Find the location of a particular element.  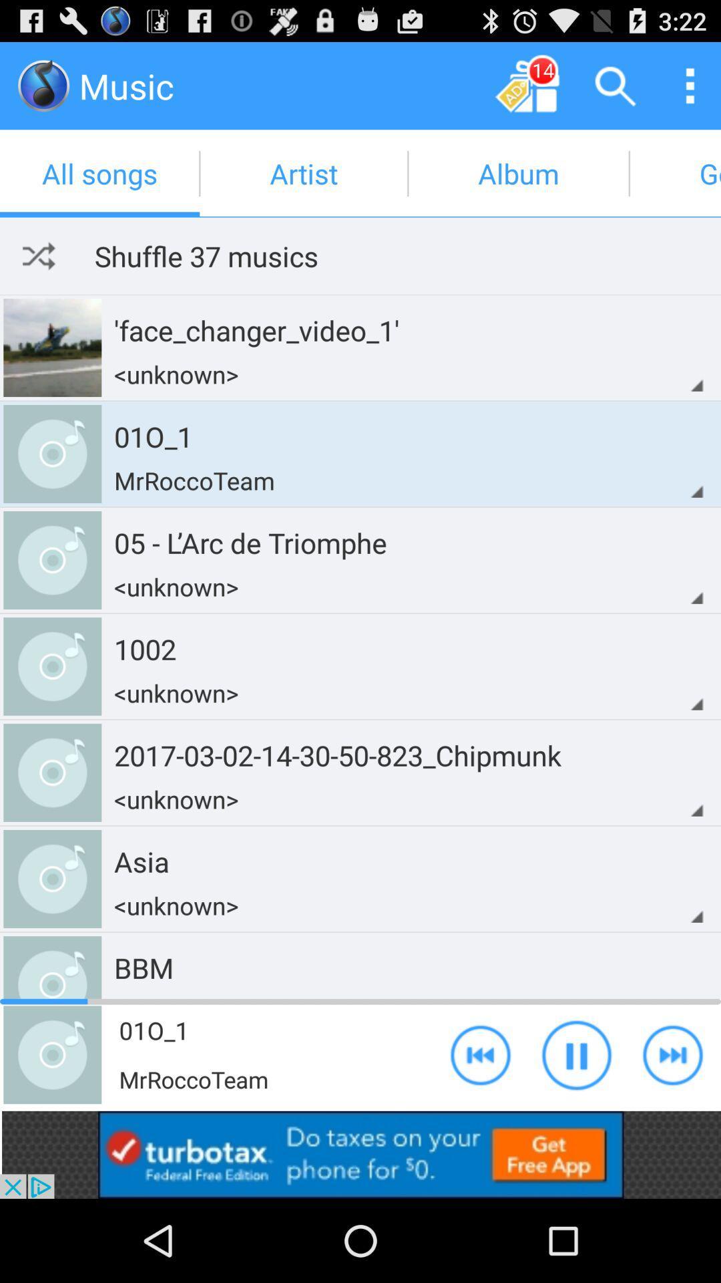

into the file is located at coordinates (43, 85).